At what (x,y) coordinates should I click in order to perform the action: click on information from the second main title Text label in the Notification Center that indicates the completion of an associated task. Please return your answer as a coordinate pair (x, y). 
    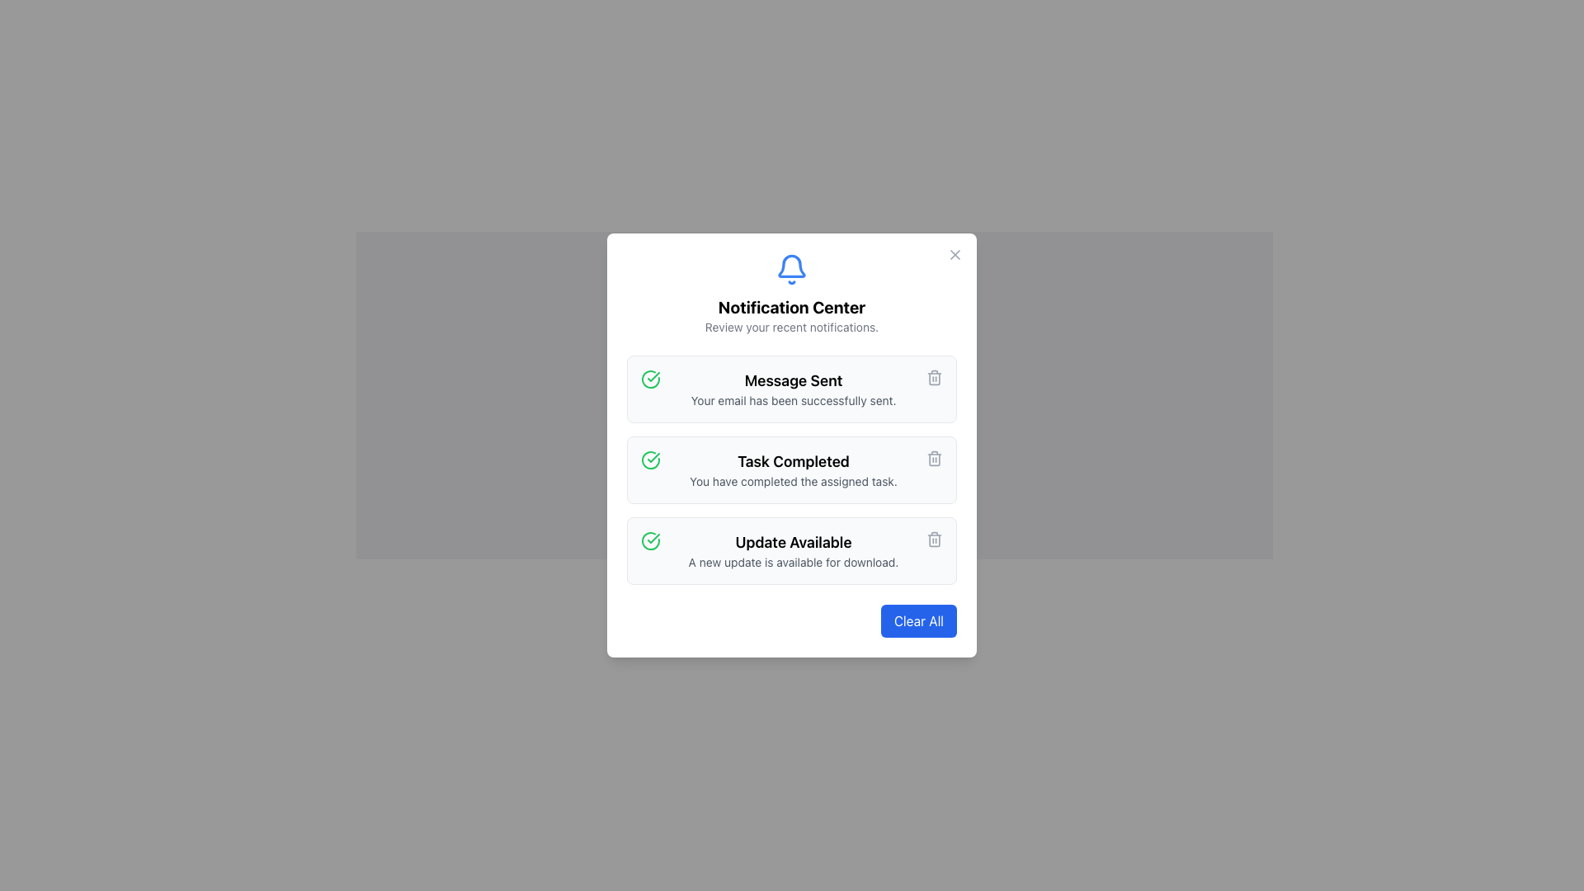
    Looking at the image, I should click on (793, 461).